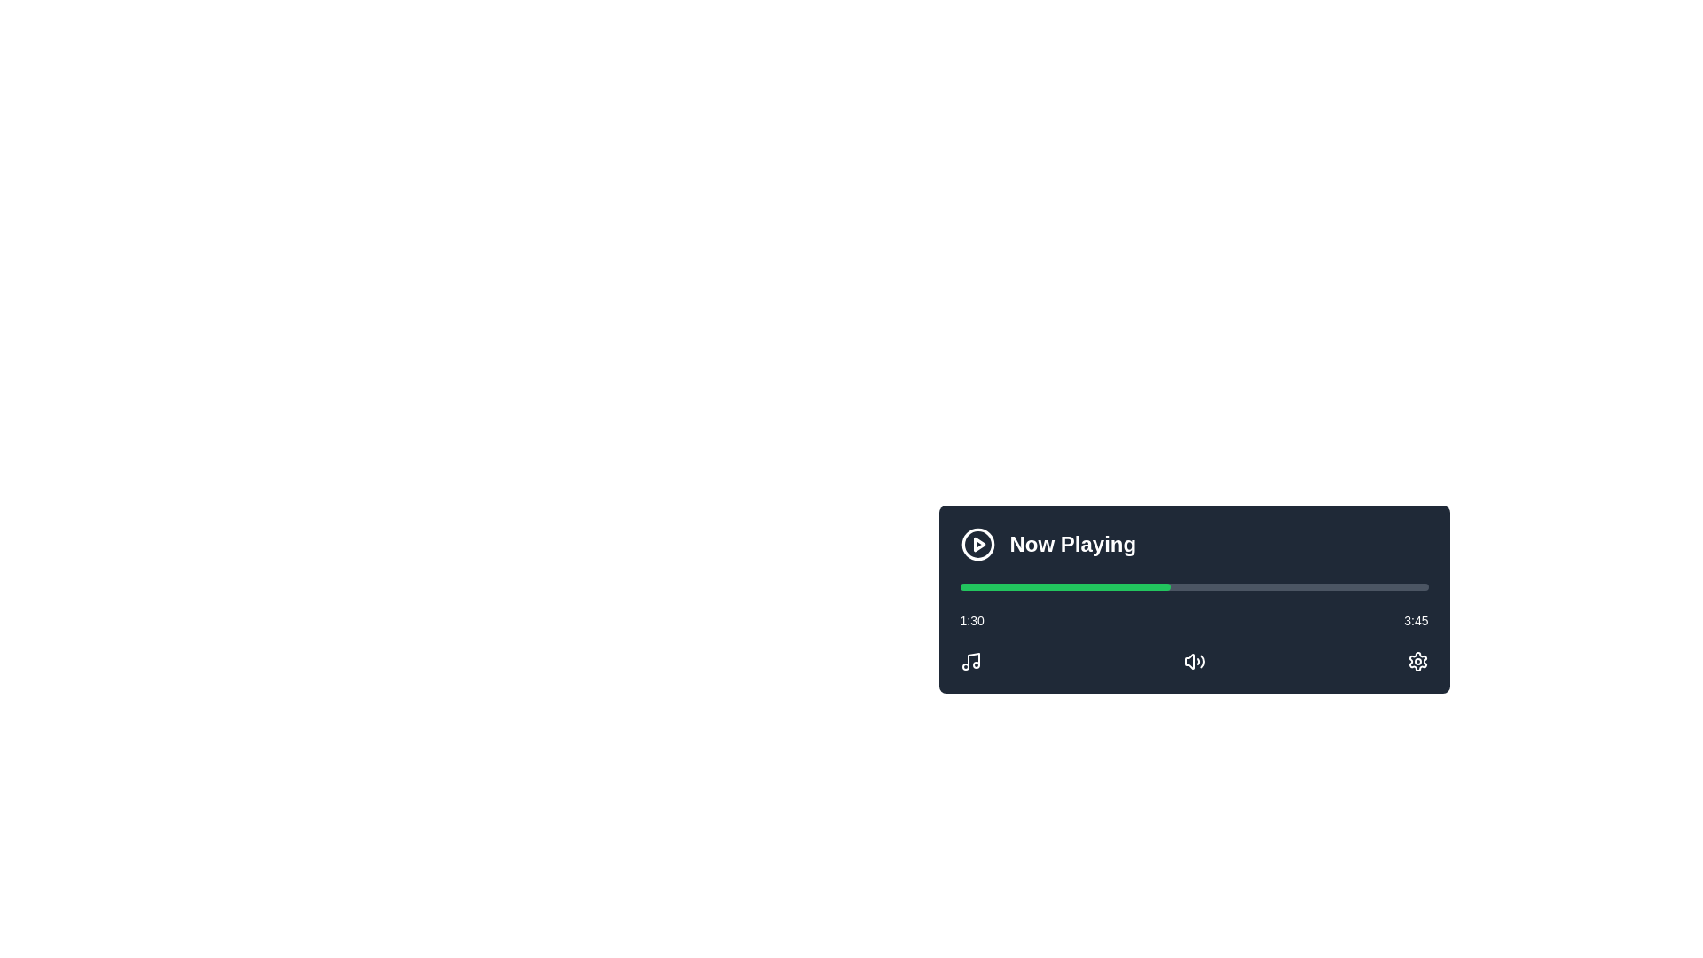 This screenshot has height=958, width=1703. Describe the element at coordinates (977, 543) in the screenshot. I see `the play button located at the top-left corner of the 'Now Playing' player interface` at that location.